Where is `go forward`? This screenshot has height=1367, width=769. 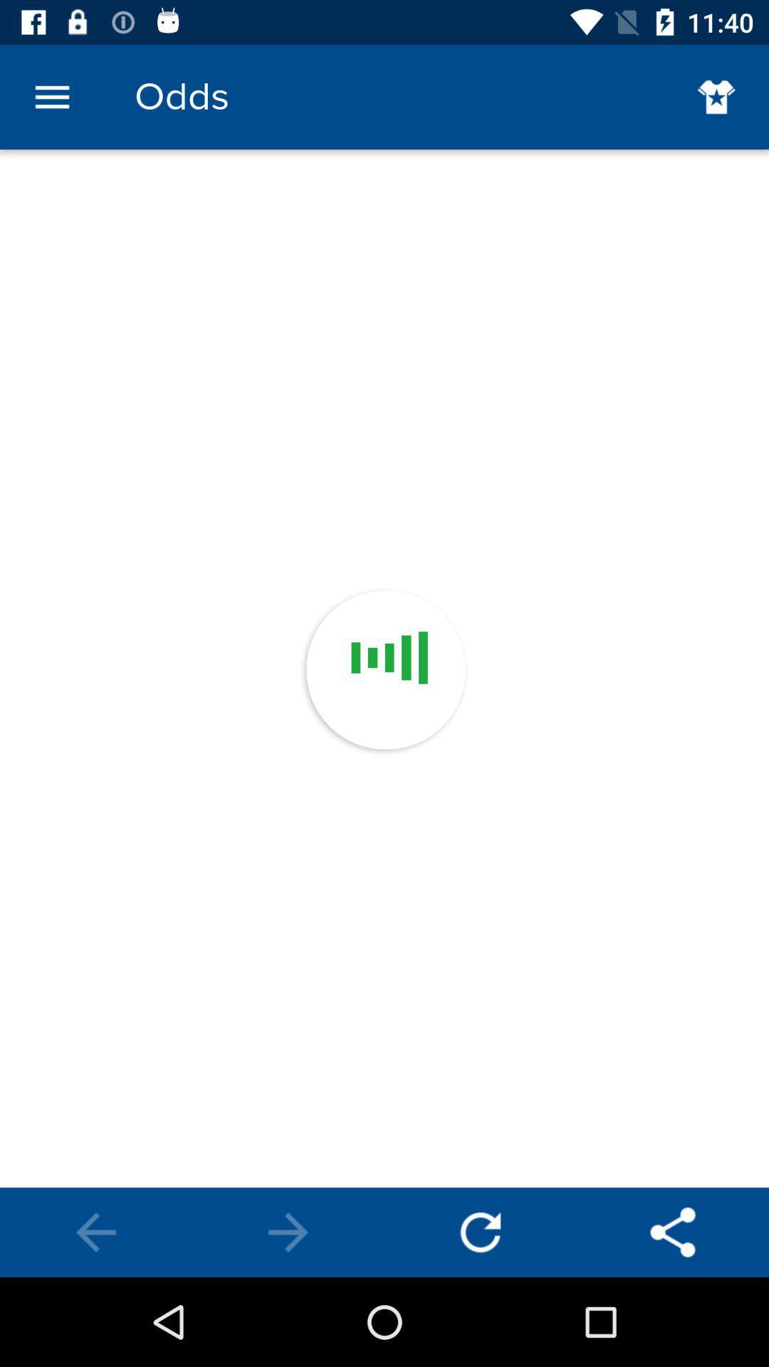
go forward is located at coordinates (288, 1232).